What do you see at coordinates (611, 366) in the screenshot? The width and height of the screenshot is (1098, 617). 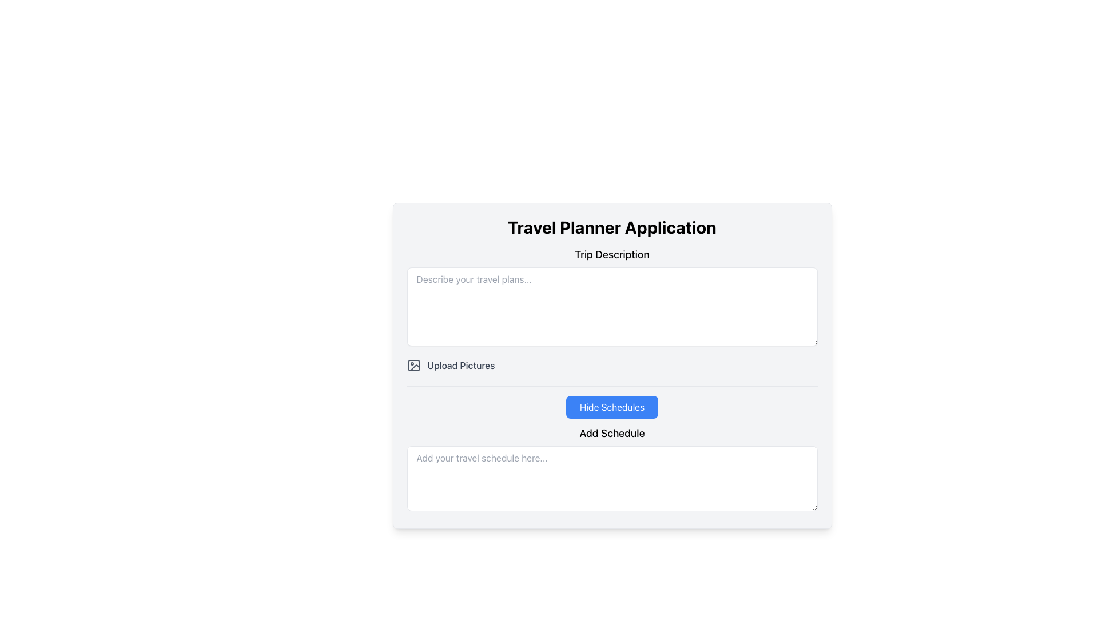 I see `the central button for uploading pictures located immediately below the 'Trip Description' input field to initiate the image upload process` at bounding box center [611, 366].